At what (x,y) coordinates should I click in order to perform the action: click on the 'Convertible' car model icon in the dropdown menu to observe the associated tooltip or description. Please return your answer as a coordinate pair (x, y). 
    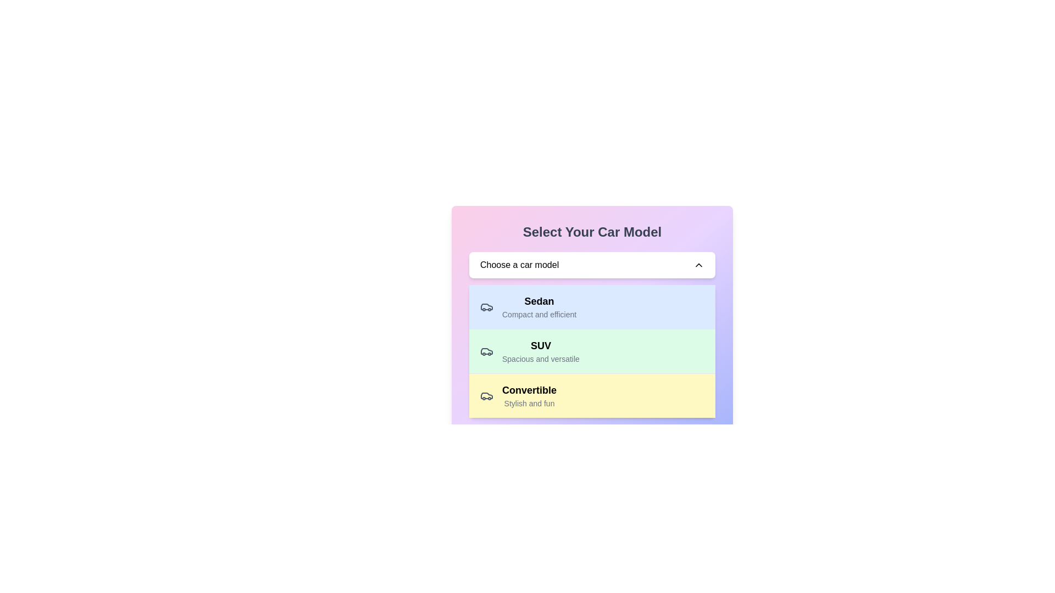
    Looking at the image, I should click on (486, 396).